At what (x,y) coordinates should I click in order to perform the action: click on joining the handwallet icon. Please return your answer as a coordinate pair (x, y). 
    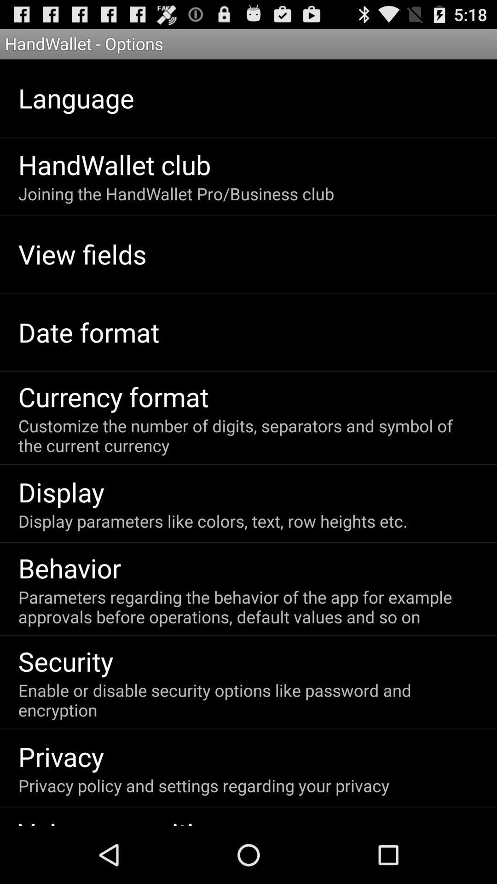
    Looking at the image, I should click on (176, 193).